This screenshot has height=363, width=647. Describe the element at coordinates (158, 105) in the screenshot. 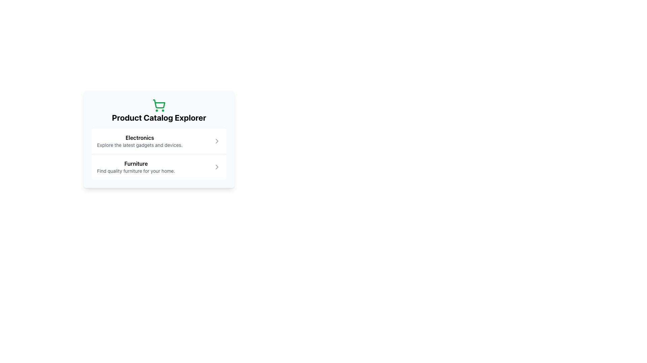

I see `the green shopping cart icon located above the text 'Product Catalog Explorer', which is styled with a minimalistic design using green lines and dots` at that location.